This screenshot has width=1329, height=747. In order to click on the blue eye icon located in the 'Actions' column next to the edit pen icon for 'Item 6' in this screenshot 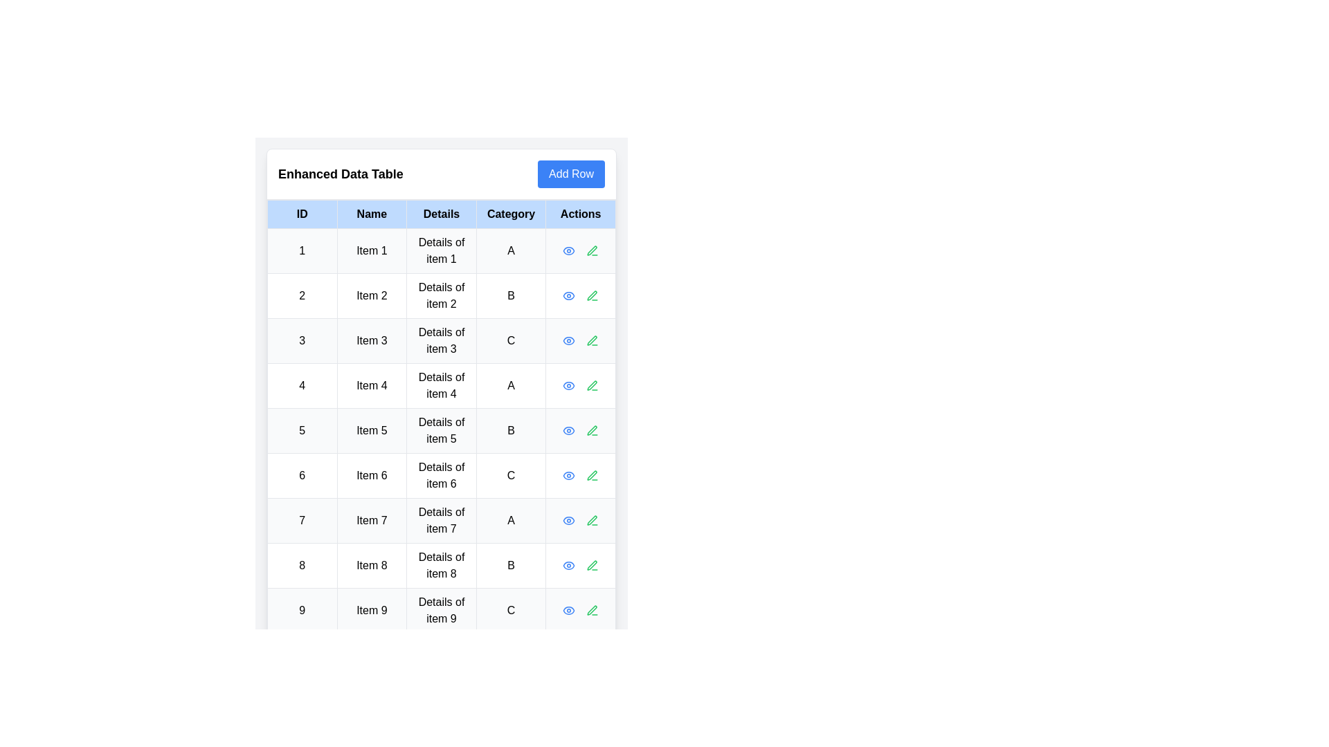, I will do `click(569, 474)`.